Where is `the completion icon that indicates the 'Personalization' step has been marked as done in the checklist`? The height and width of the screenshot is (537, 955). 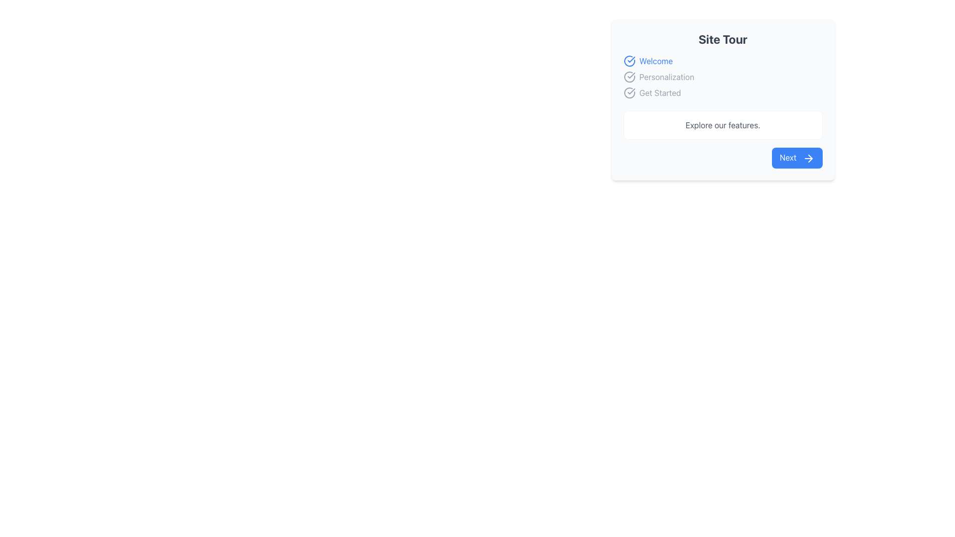
the completion icon that indicates the 'Personalization' step has been marked as done in the checklist is located at coordinates (629, 76).